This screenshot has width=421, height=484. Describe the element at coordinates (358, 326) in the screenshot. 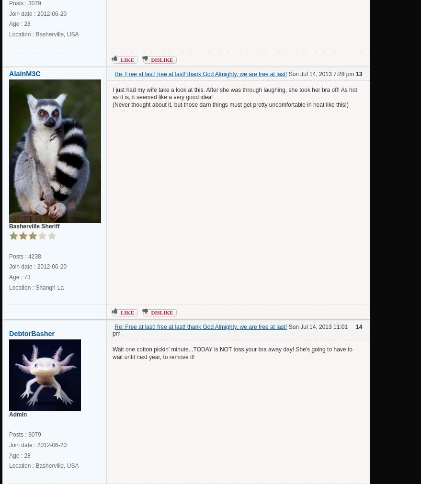

I see `'14'` at that location.